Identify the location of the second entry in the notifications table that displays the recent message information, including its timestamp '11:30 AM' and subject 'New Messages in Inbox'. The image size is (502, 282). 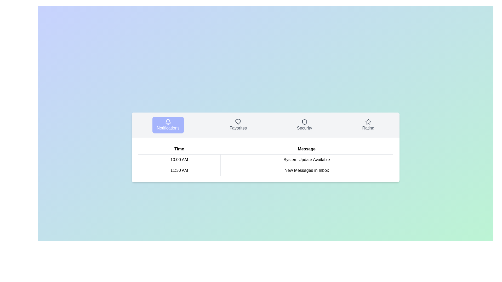
(265, 170).